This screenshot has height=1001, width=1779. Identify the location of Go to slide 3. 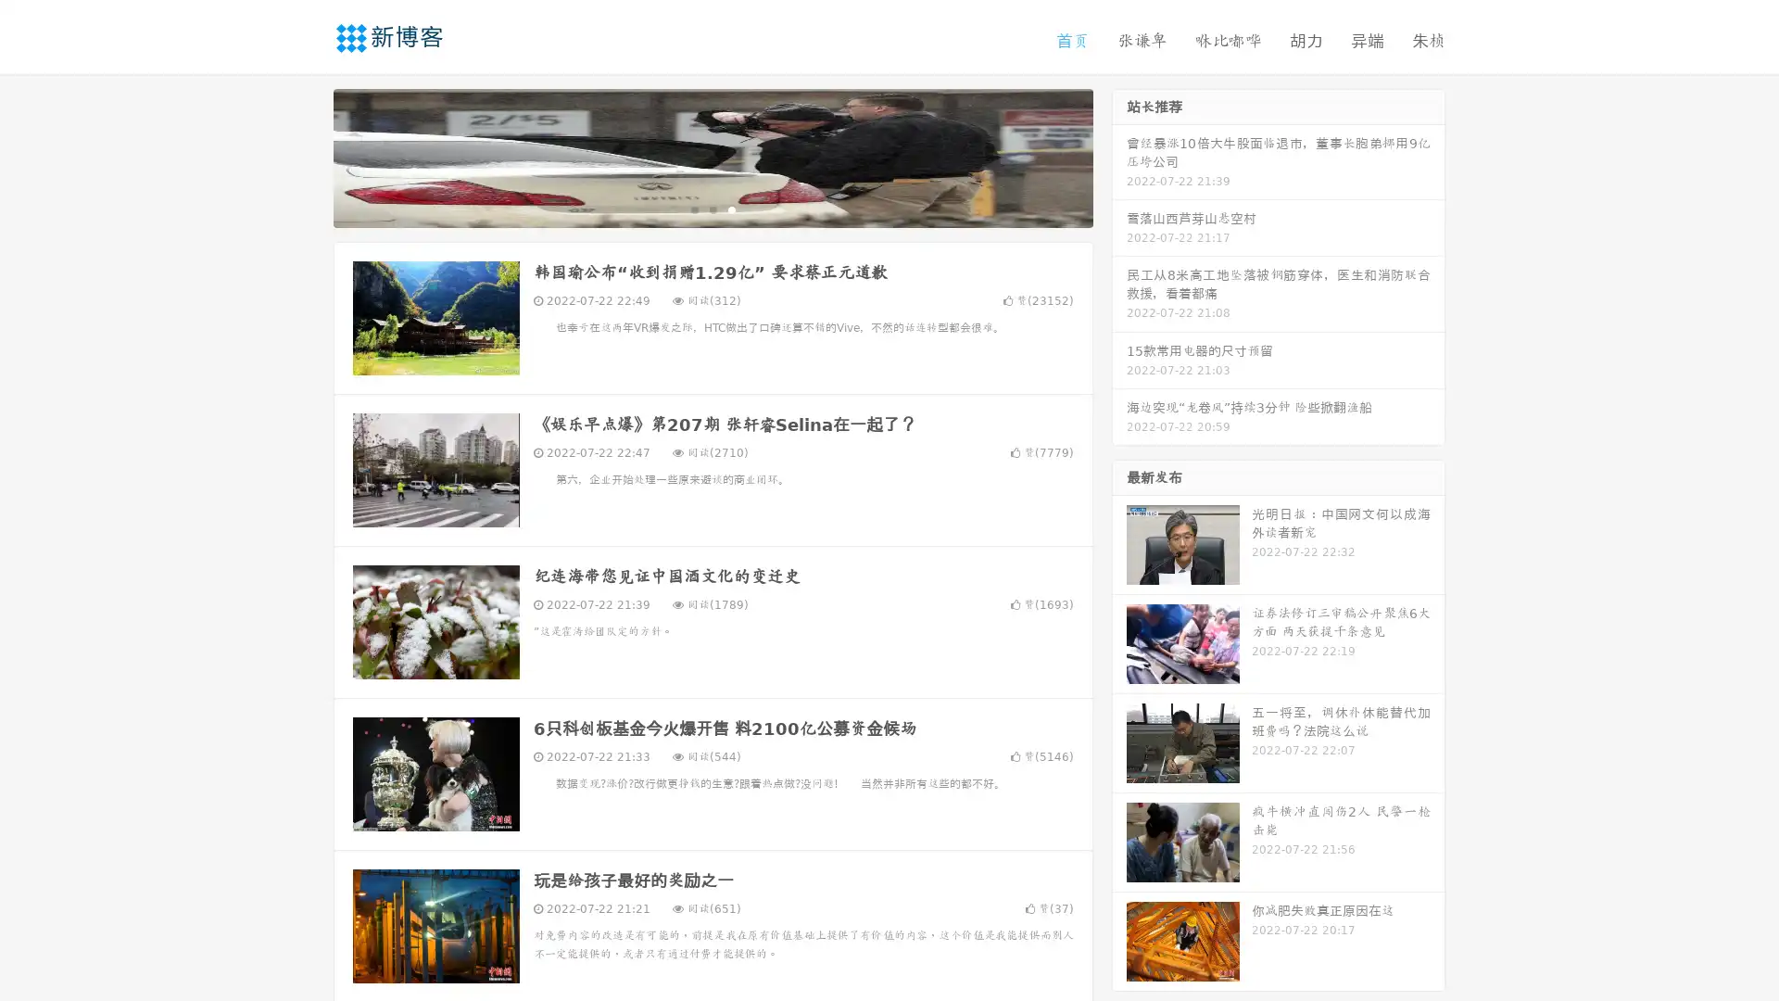
(731, 209).